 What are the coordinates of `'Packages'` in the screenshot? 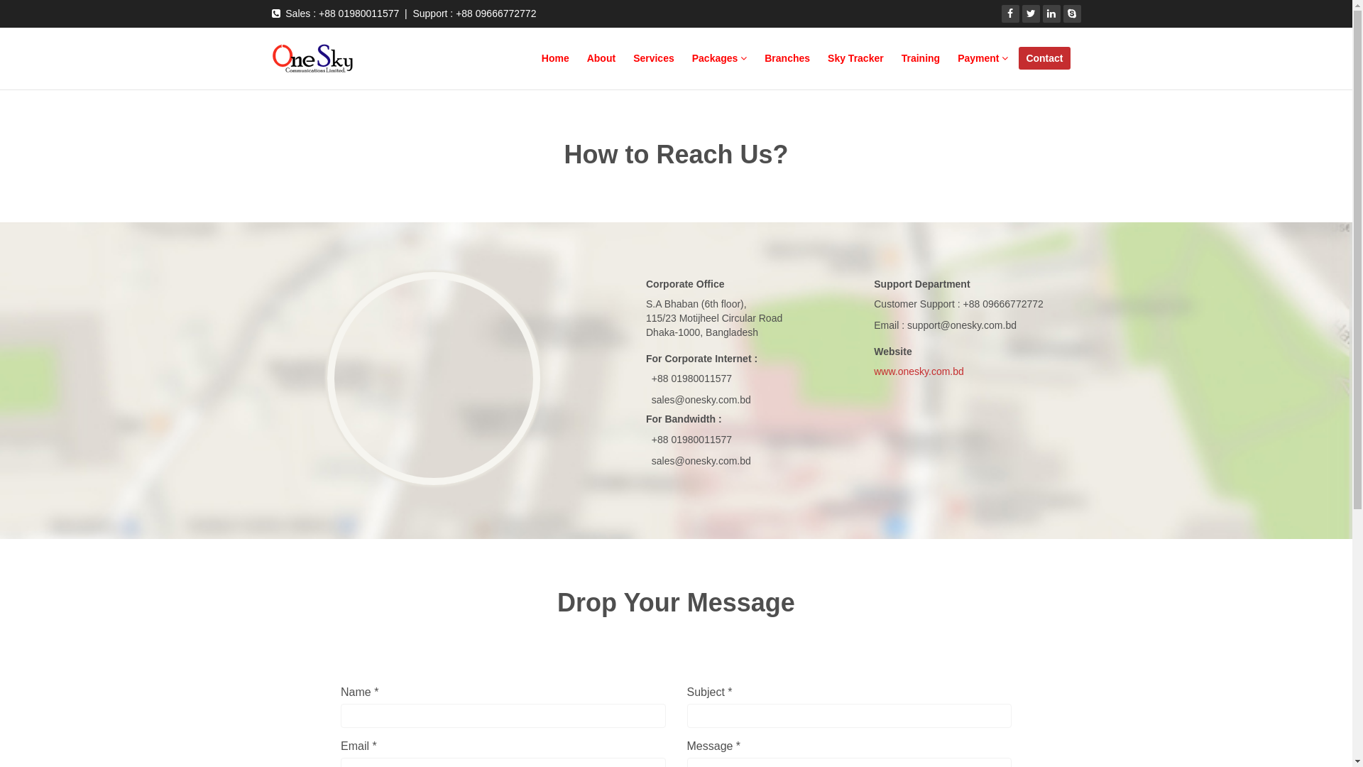 It's located at (719, 57).